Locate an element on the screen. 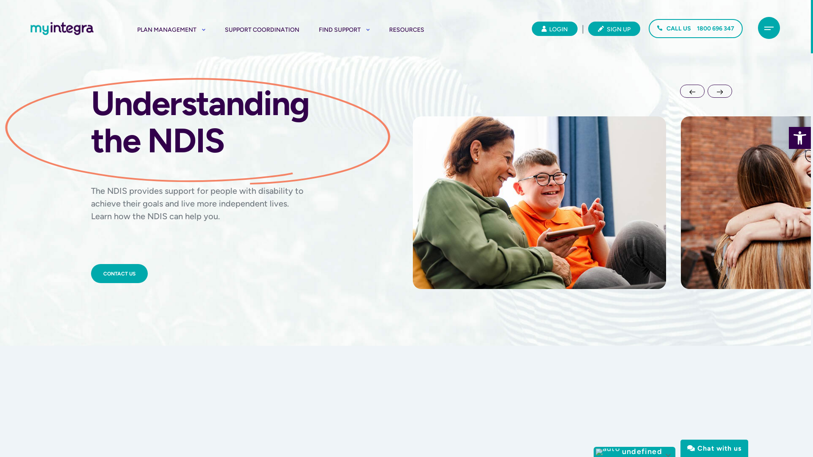  'CALL US is located at coordinates (695, 28).